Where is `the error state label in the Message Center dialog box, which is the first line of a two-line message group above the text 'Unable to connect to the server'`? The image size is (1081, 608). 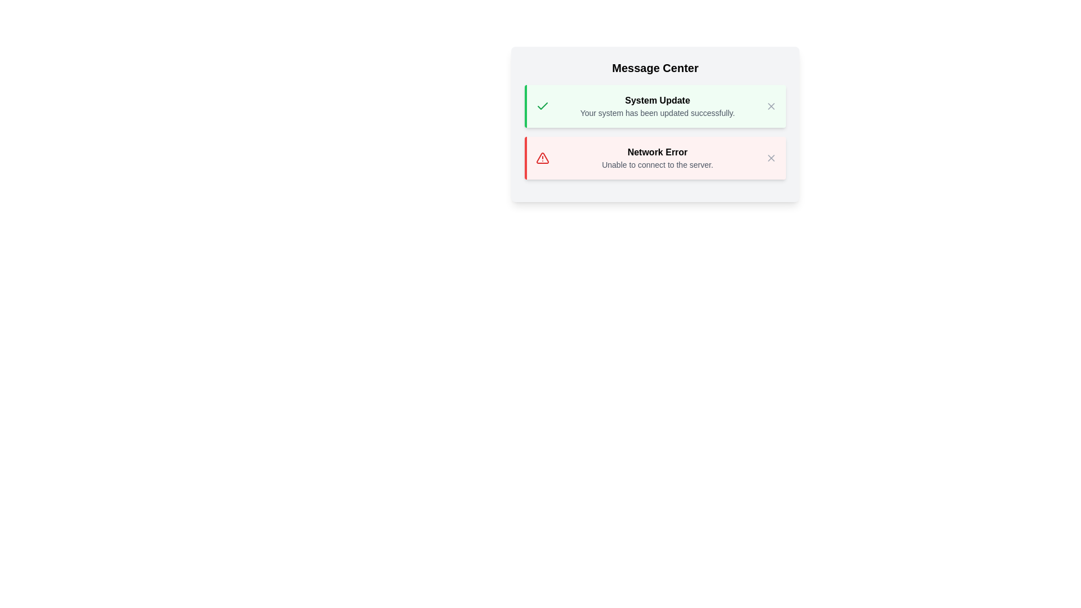
the error state label in the Message Center dialog box, which is the first line of a two-line message group above the text 'Unable to connect to the server' is located at coordinates (657, 152).